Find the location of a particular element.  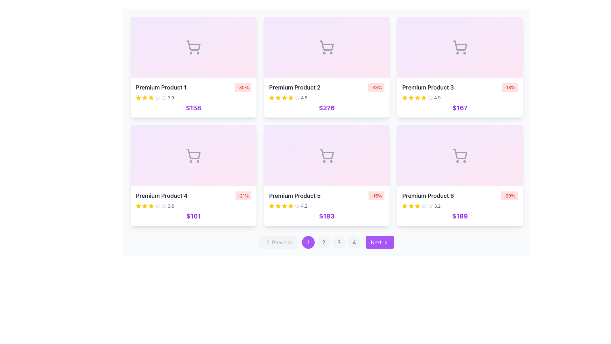

text label that serves as the title for the product in the top-right card of the grid, positioned below the cart icon and above the star rating and price is located at coordinates (428, 87).